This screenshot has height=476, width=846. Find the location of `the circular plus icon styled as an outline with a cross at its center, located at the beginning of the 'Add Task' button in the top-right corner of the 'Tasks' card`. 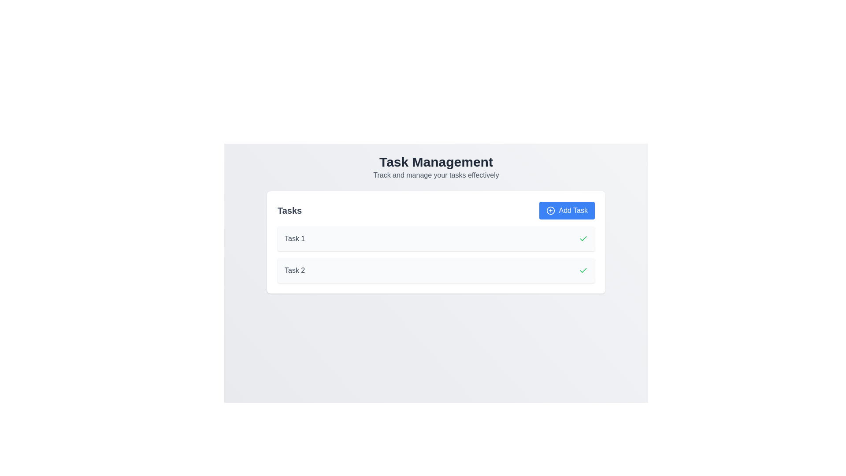

the circular plus icon styled as an outline with a cross at its center, located at the beginning of the 'Add Task' button in the top-right corner of the 'Tasks' card is located at coordinates (550, 211).